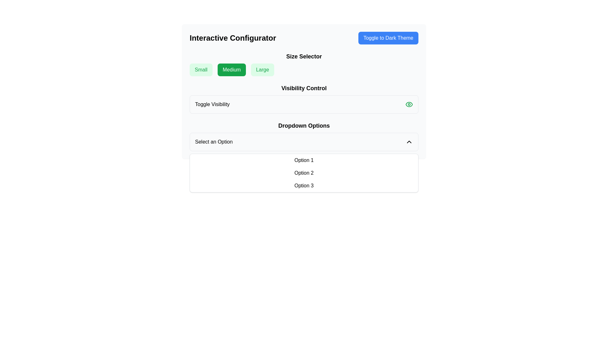 This screenshot has height=343, width=610. What do you see at coordinates (303, 88) in the screenshot?
I see `the bold text element labeled 'Visibility Control', which is centrally located above the 'Toggle Visibility' element and below the 'Size Selector' section` at bounding box center [303, 88].